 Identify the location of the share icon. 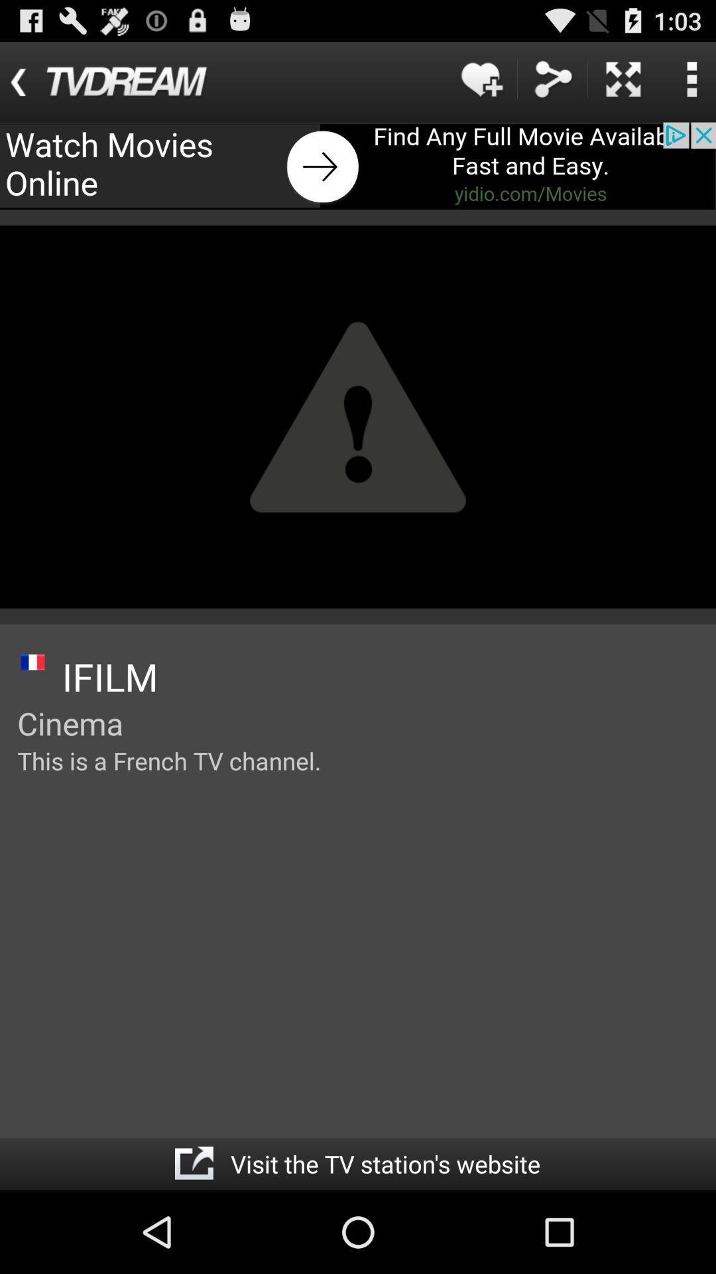
(552, 84).